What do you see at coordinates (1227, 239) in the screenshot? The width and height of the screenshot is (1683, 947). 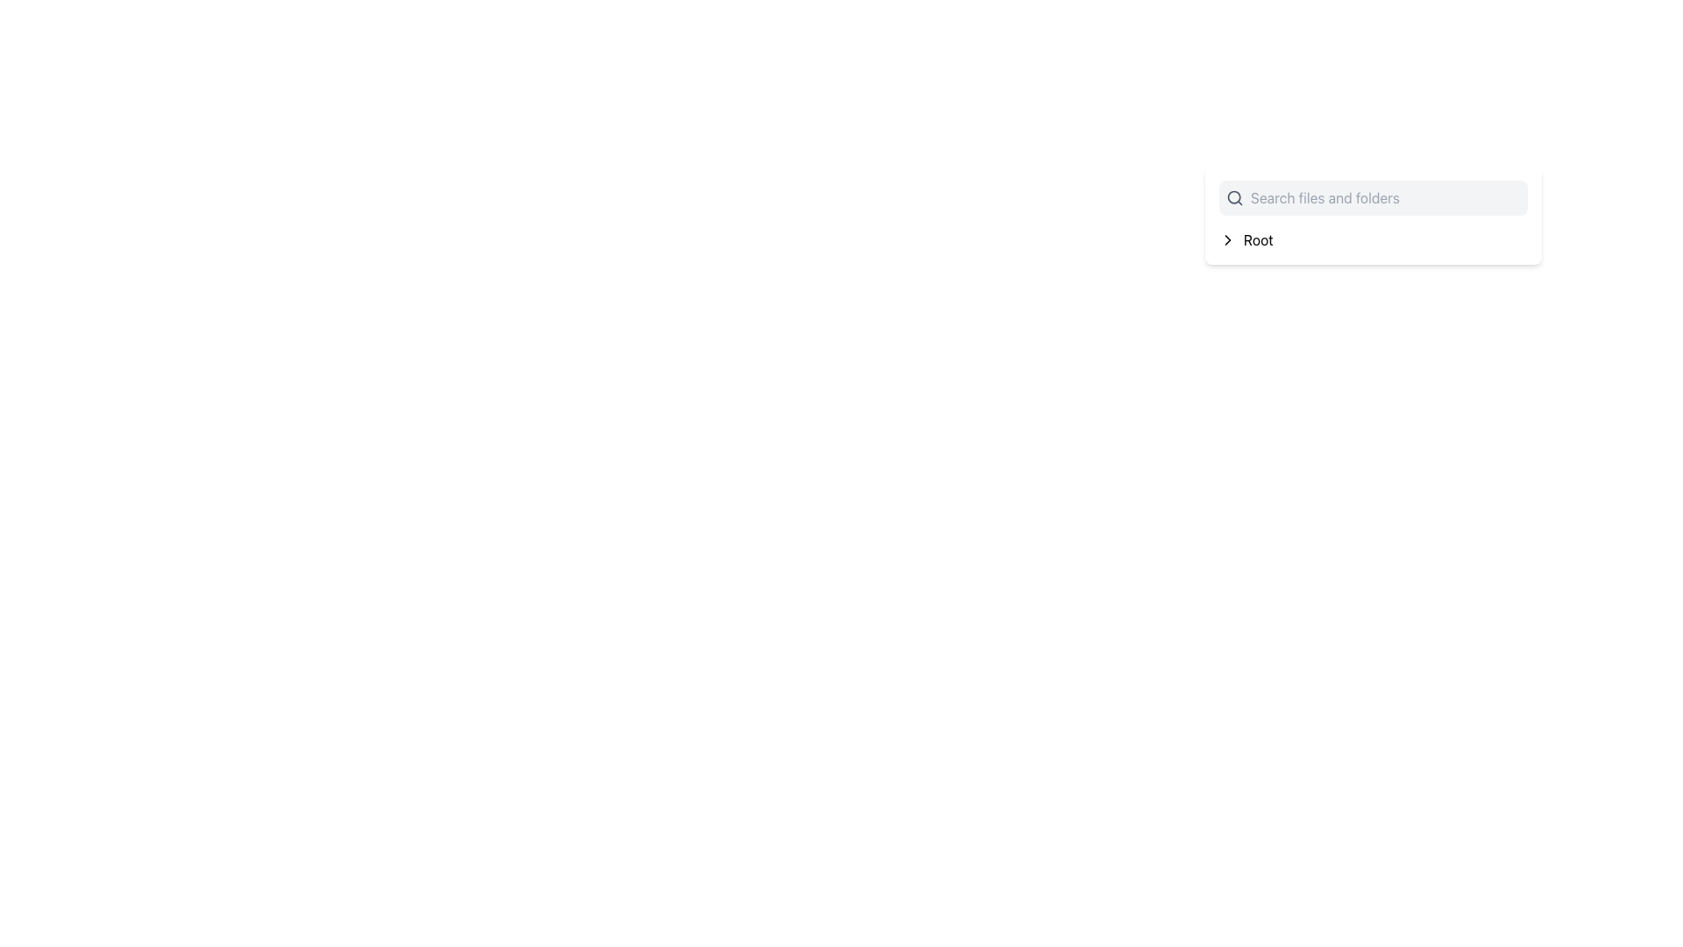 I see `the chevron icon located to the left of the text 'Root'` at bounding box center [1227, 239].